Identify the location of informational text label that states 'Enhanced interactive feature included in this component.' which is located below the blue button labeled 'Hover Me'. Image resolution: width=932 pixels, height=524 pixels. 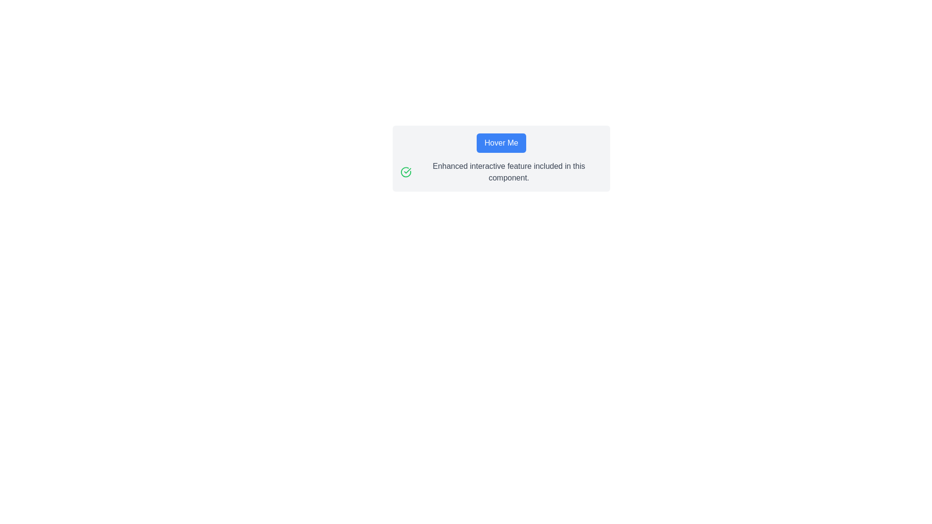
(501, 171).